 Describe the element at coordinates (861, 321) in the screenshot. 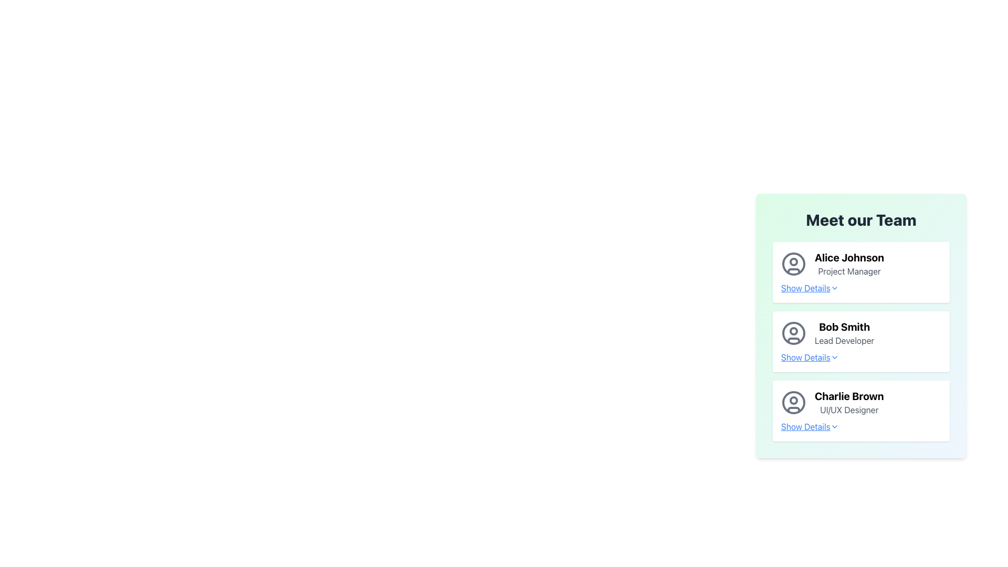

I see `the Information card for Bob Smith, which is the second card in the vertical list under the 'Meet our Team' header` at that location.